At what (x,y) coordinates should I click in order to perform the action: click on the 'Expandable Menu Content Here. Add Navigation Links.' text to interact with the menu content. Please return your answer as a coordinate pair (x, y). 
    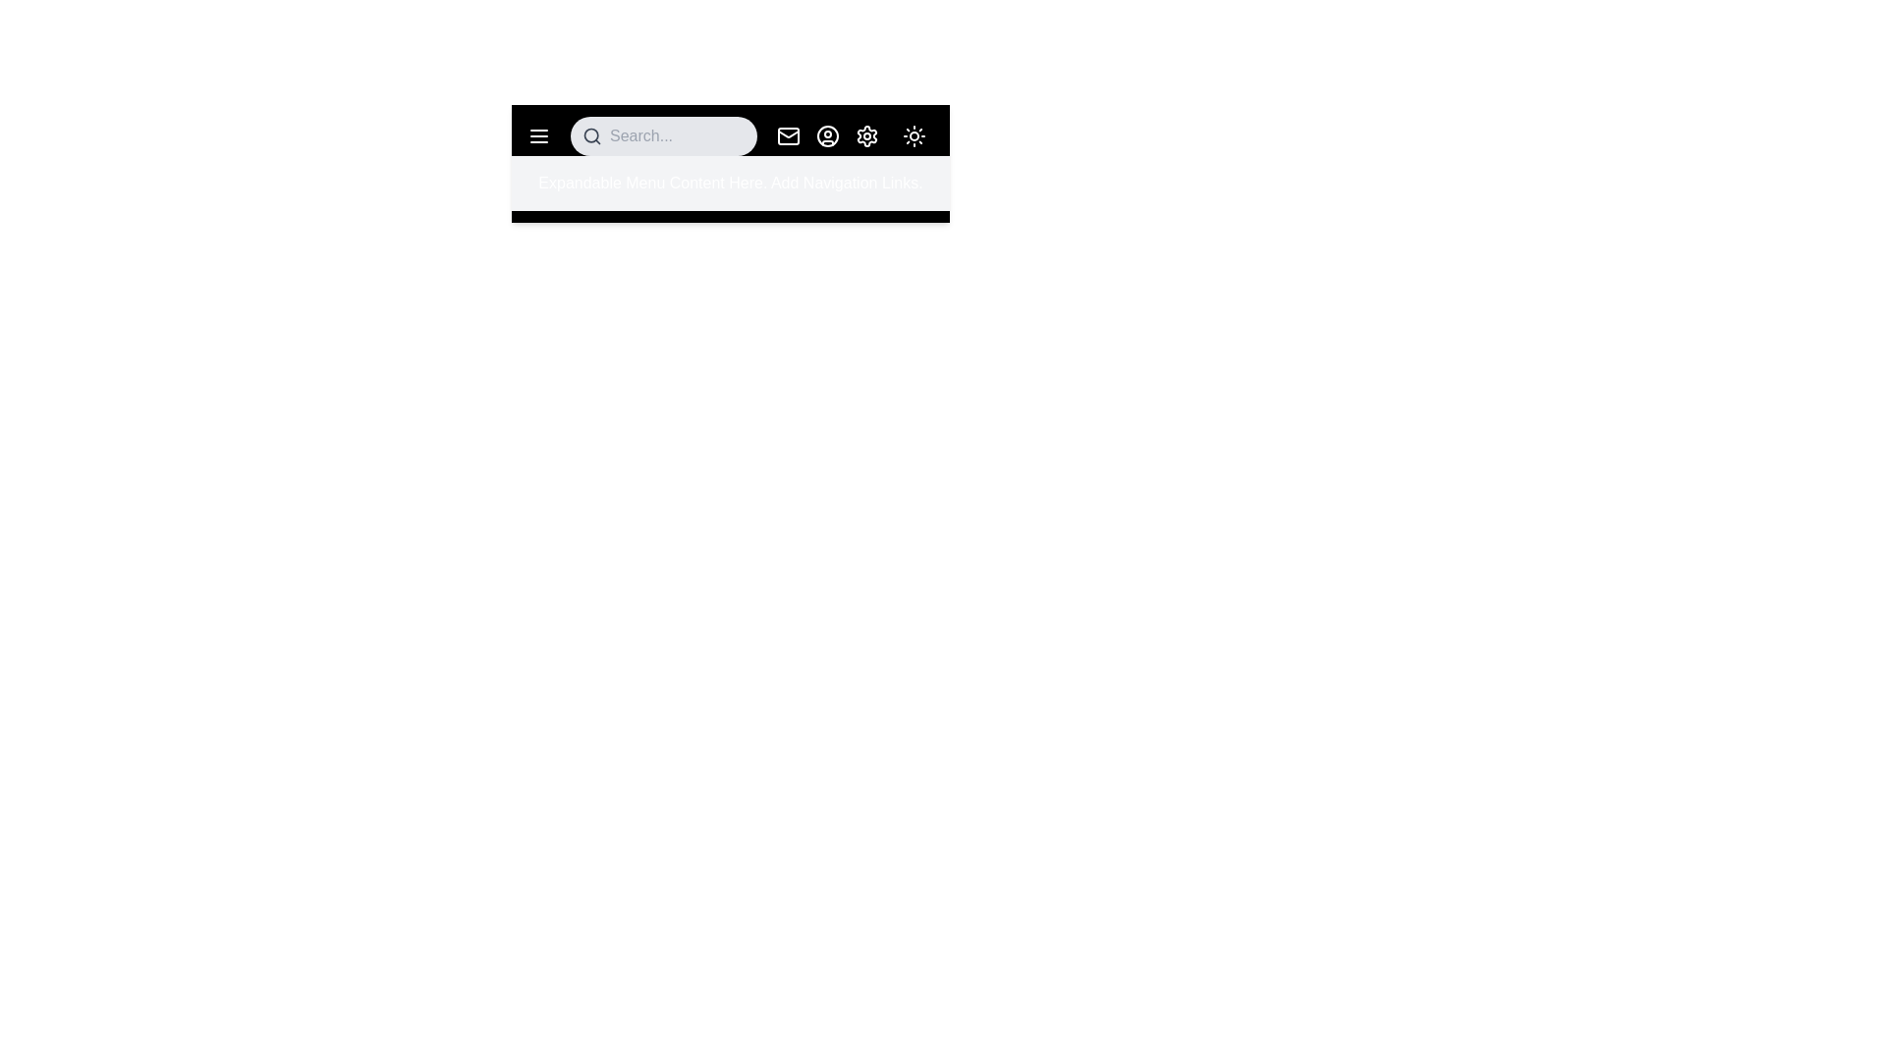
    Looking at the image, I should click on (730, 183).